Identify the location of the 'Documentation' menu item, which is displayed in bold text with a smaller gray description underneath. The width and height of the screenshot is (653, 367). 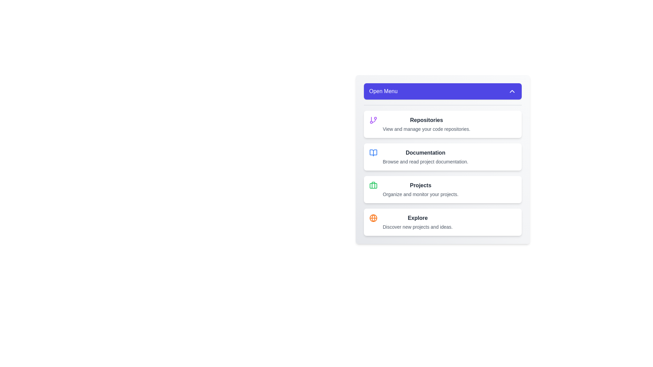
(425, 157).